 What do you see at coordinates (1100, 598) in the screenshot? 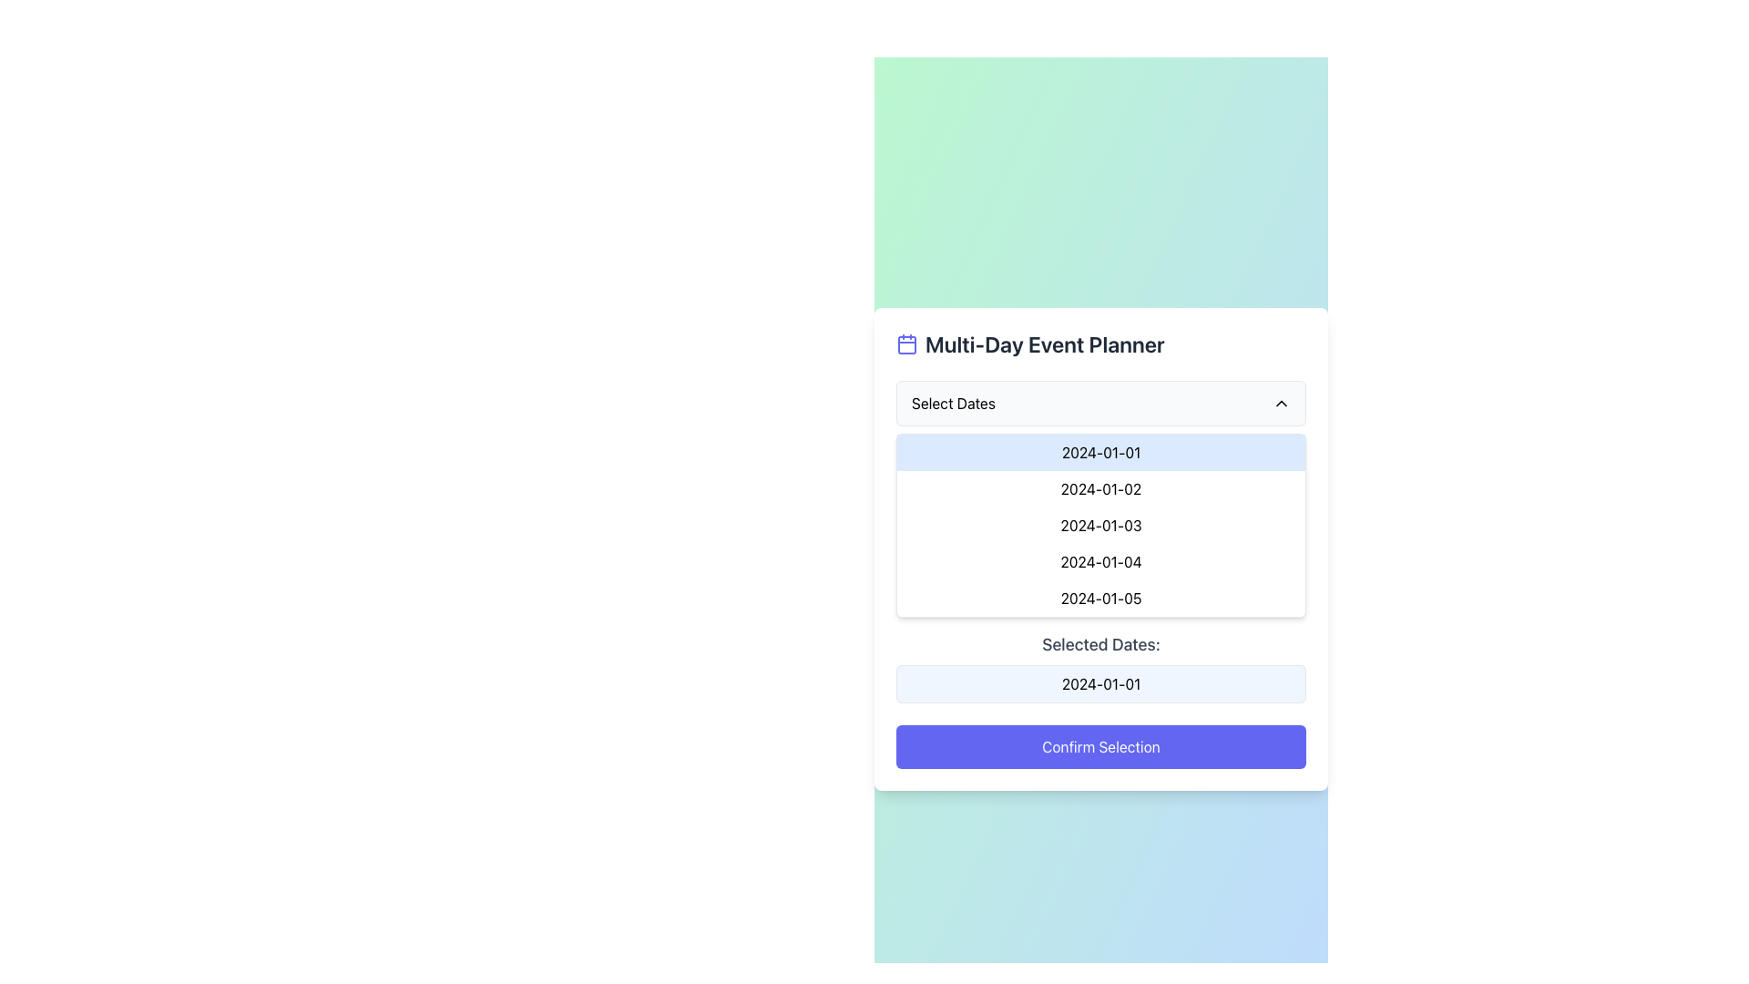
I see `the fifth selectable date option in the dropdown list` at bounding box center [1100, 598].